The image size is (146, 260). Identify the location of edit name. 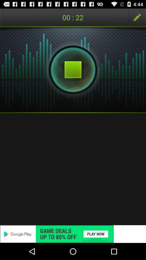
(137, 17).